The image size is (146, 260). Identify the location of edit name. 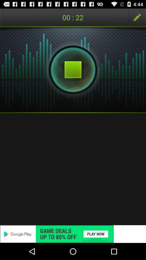
(137, 17).